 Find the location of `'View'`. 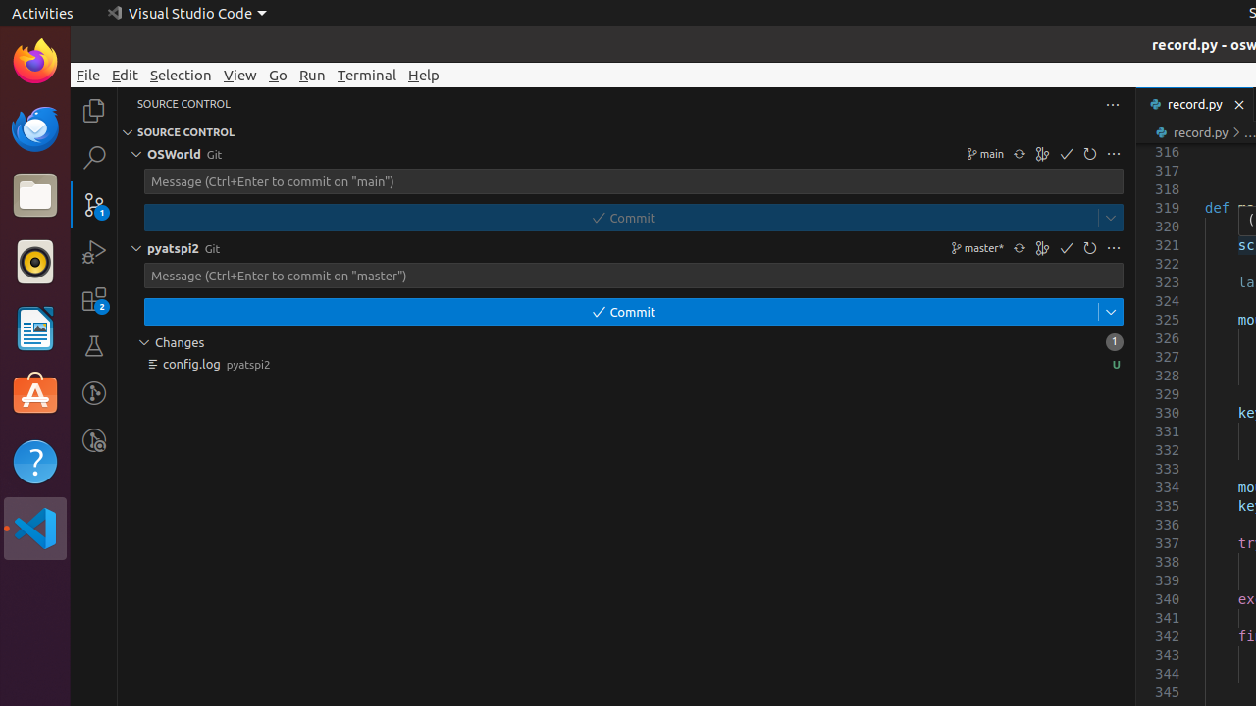

'View' is located at coordinates (238, 74).